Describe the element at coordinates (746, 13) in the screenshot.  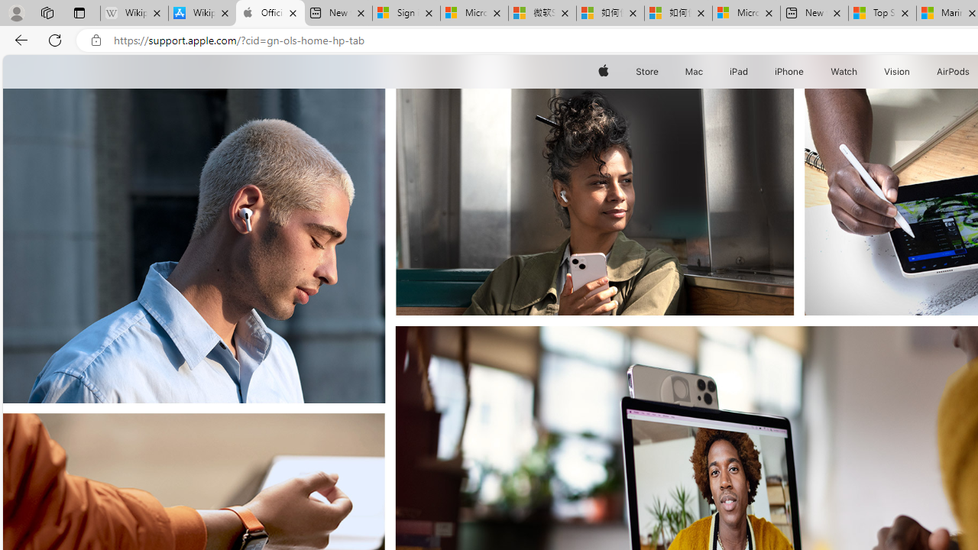
I see `'Microsoft account | Account Checkup'` at that location.